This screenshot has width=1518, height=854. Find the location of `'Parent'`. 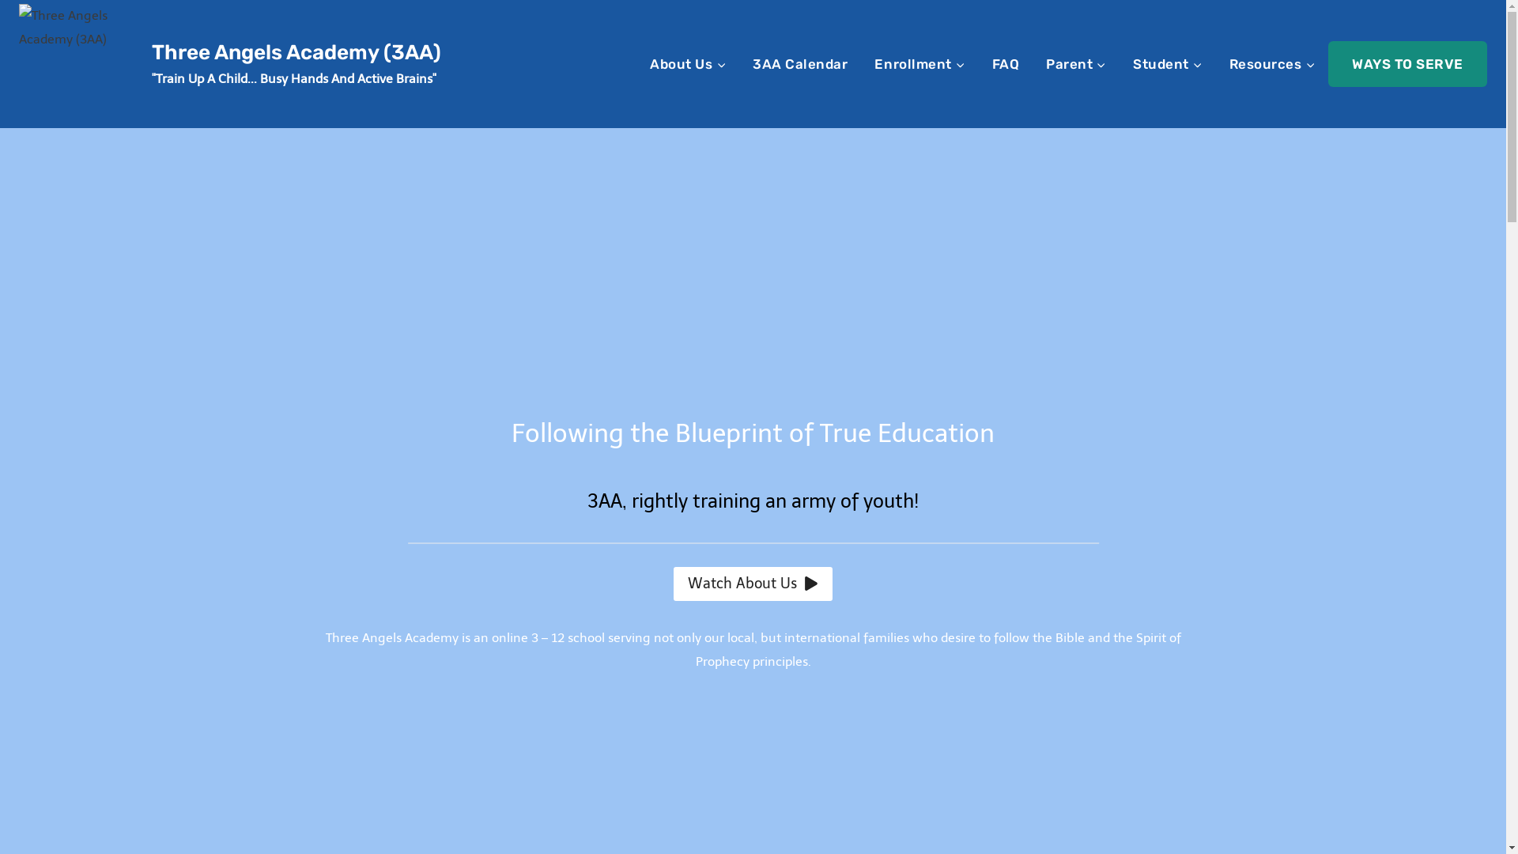

'Parent' is located at coordinates (1075, 62).